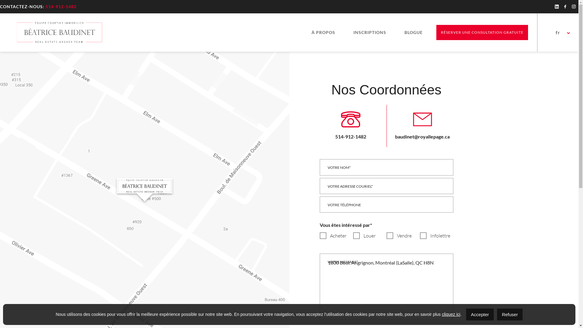 The width and height of the screenshot is (583, 328). I want to click on 'RLP Heritage', so click(59, 32).